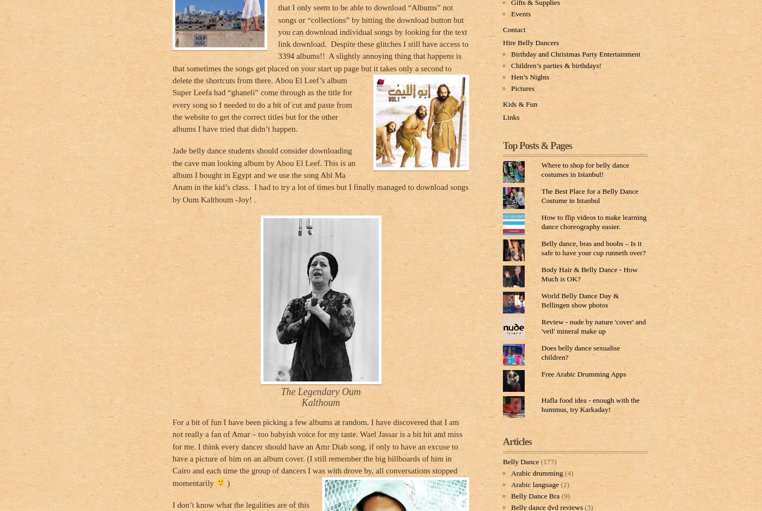  Describe the element at coordinates (648, 18) in the screenshot. I see `'Comment'` at that location.